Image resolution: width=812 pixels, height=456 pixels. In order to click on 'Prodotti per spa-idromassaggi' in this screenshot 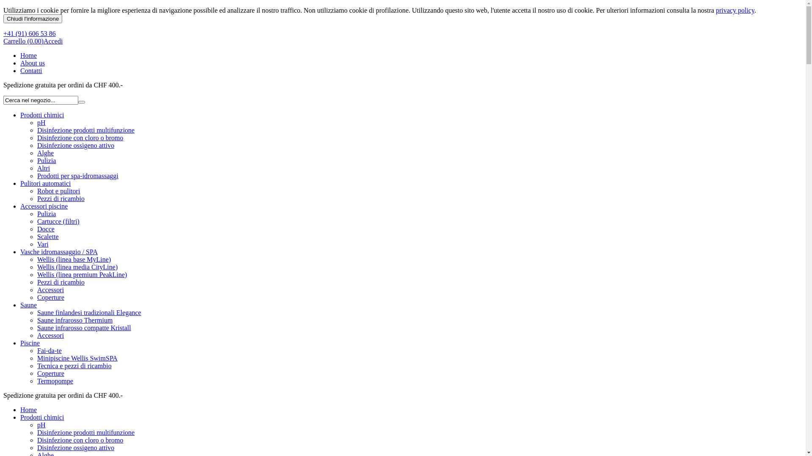, I will do `click(77, 175)`.